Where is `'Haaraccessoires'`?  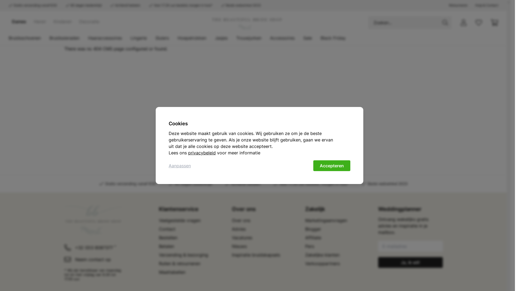
'Haaraccessoires' is located at coordinates (105, 38).